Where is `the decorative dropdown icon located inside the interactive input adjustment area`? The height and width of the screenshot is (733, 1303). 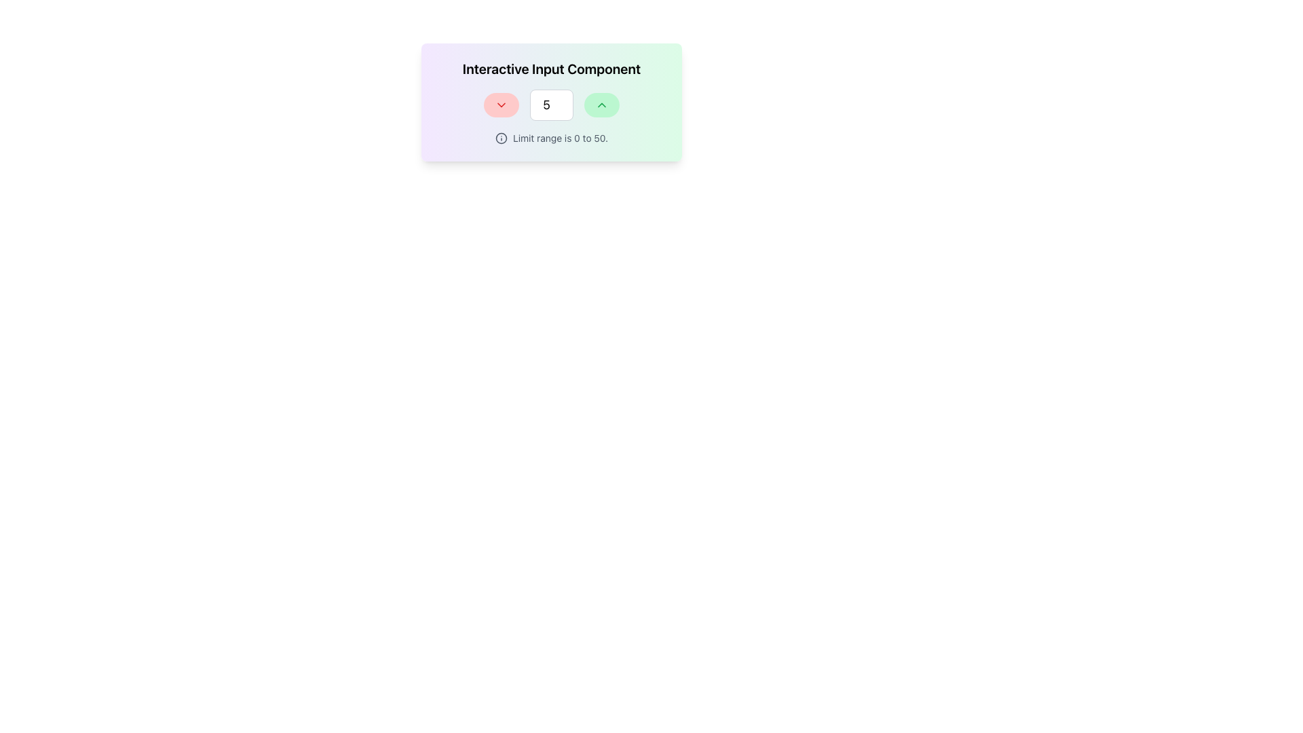 the decorative dropdown icon located inside the interactive input adjustment area is located at coordinates (501, 104).